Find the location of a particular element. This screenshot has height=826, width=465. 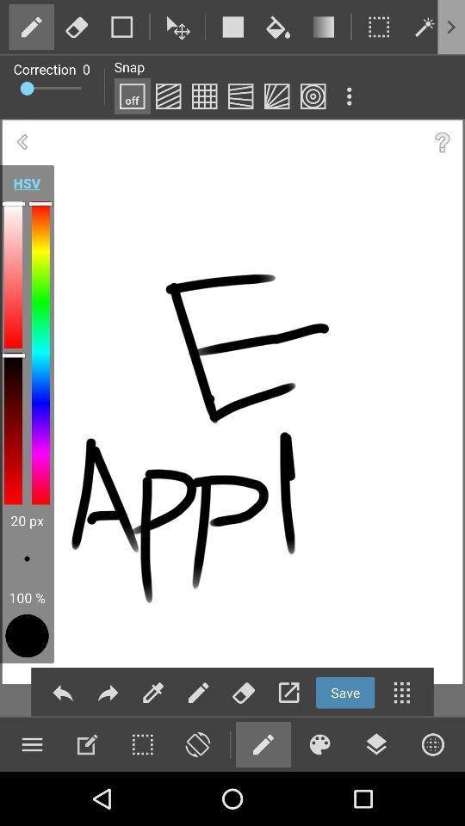

snap to grid off is located at coordinates (131, 96).